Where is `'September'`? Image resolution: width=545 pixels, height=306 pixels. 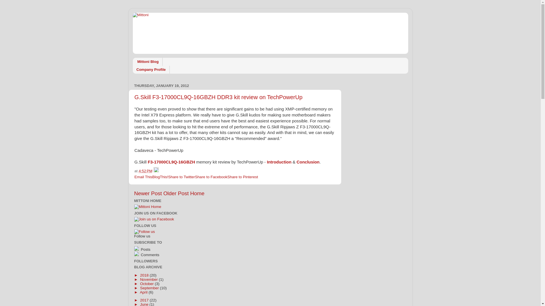 'September' is located at coordinates (150, 288).